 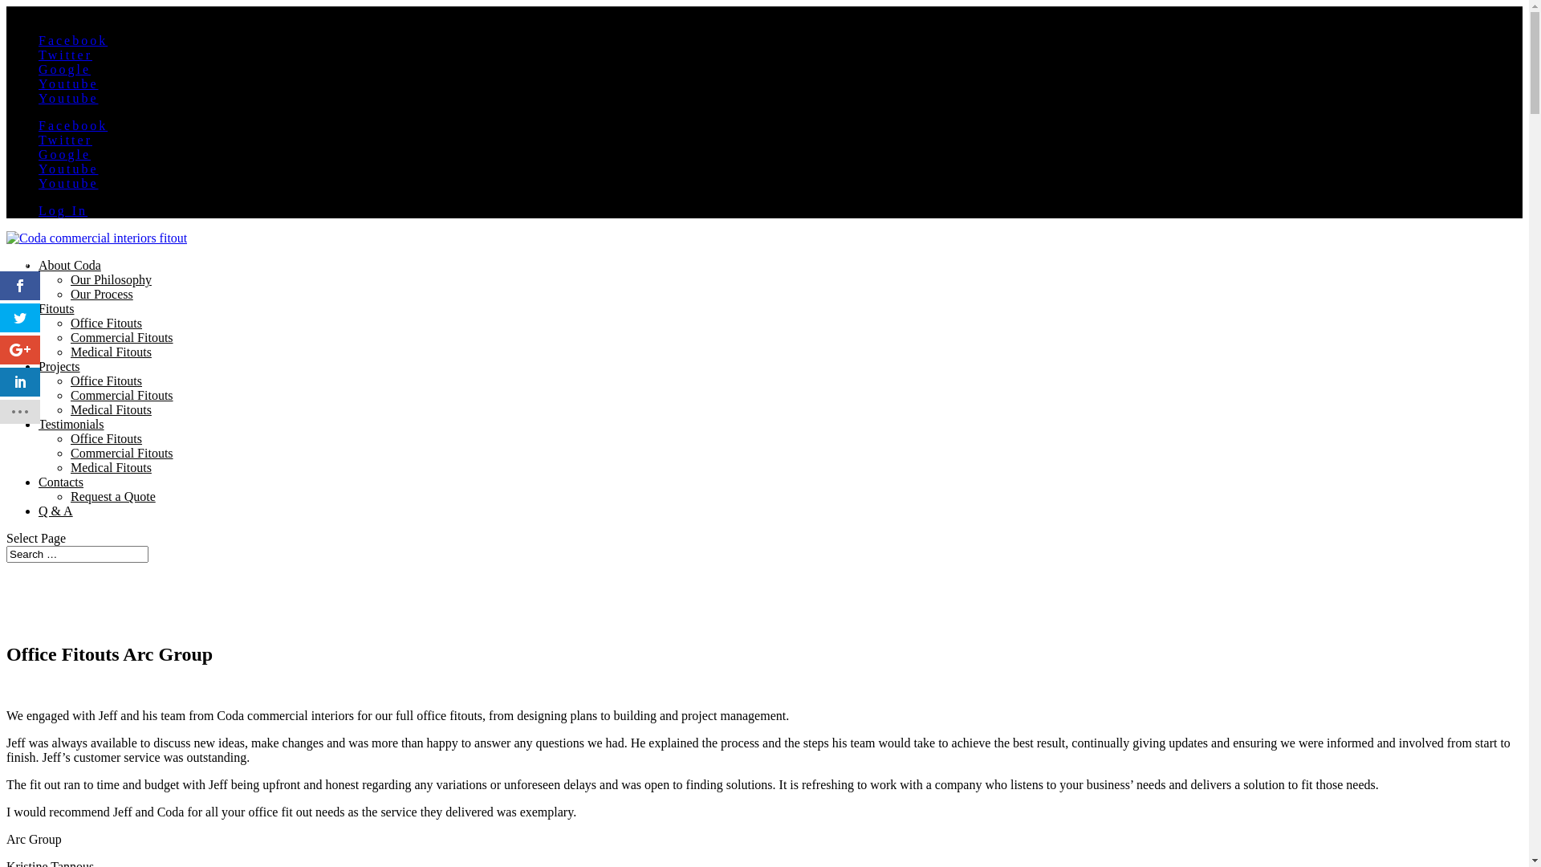 What do you see at coordinates (72, 39) in the screenshot?
I see `'Facebook'` at bounding box center [72, 39].